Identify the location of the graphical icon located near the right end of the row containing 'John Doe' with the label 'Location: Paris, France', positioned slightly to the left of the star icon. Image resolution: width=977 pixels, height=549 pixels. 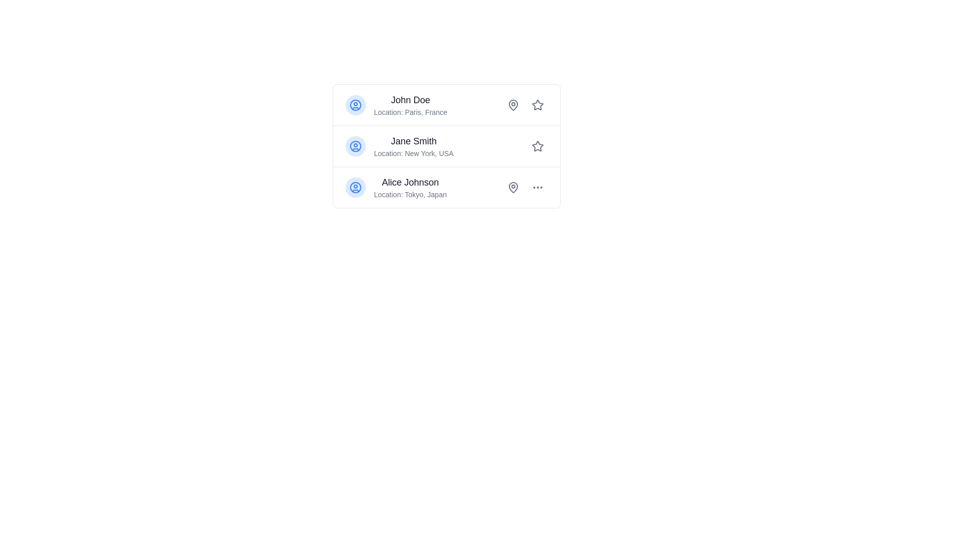
(513, 104).